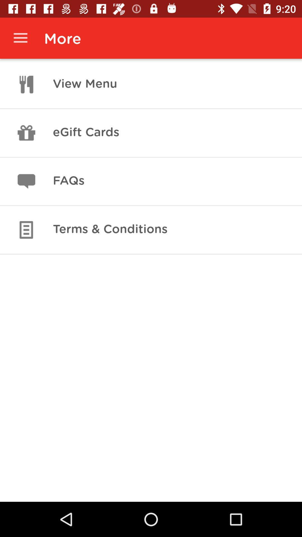 This screenshot has width=302, height=537. Describe the element at coordinates (86, 133) in the screenshot. I see `the egift cards item` at that location.